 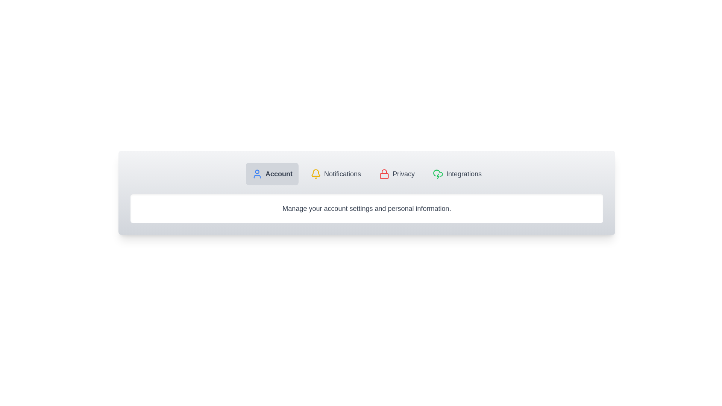 I want to click on the 'Notifications' text label in the navigation menu, so click(x=342, y=174).